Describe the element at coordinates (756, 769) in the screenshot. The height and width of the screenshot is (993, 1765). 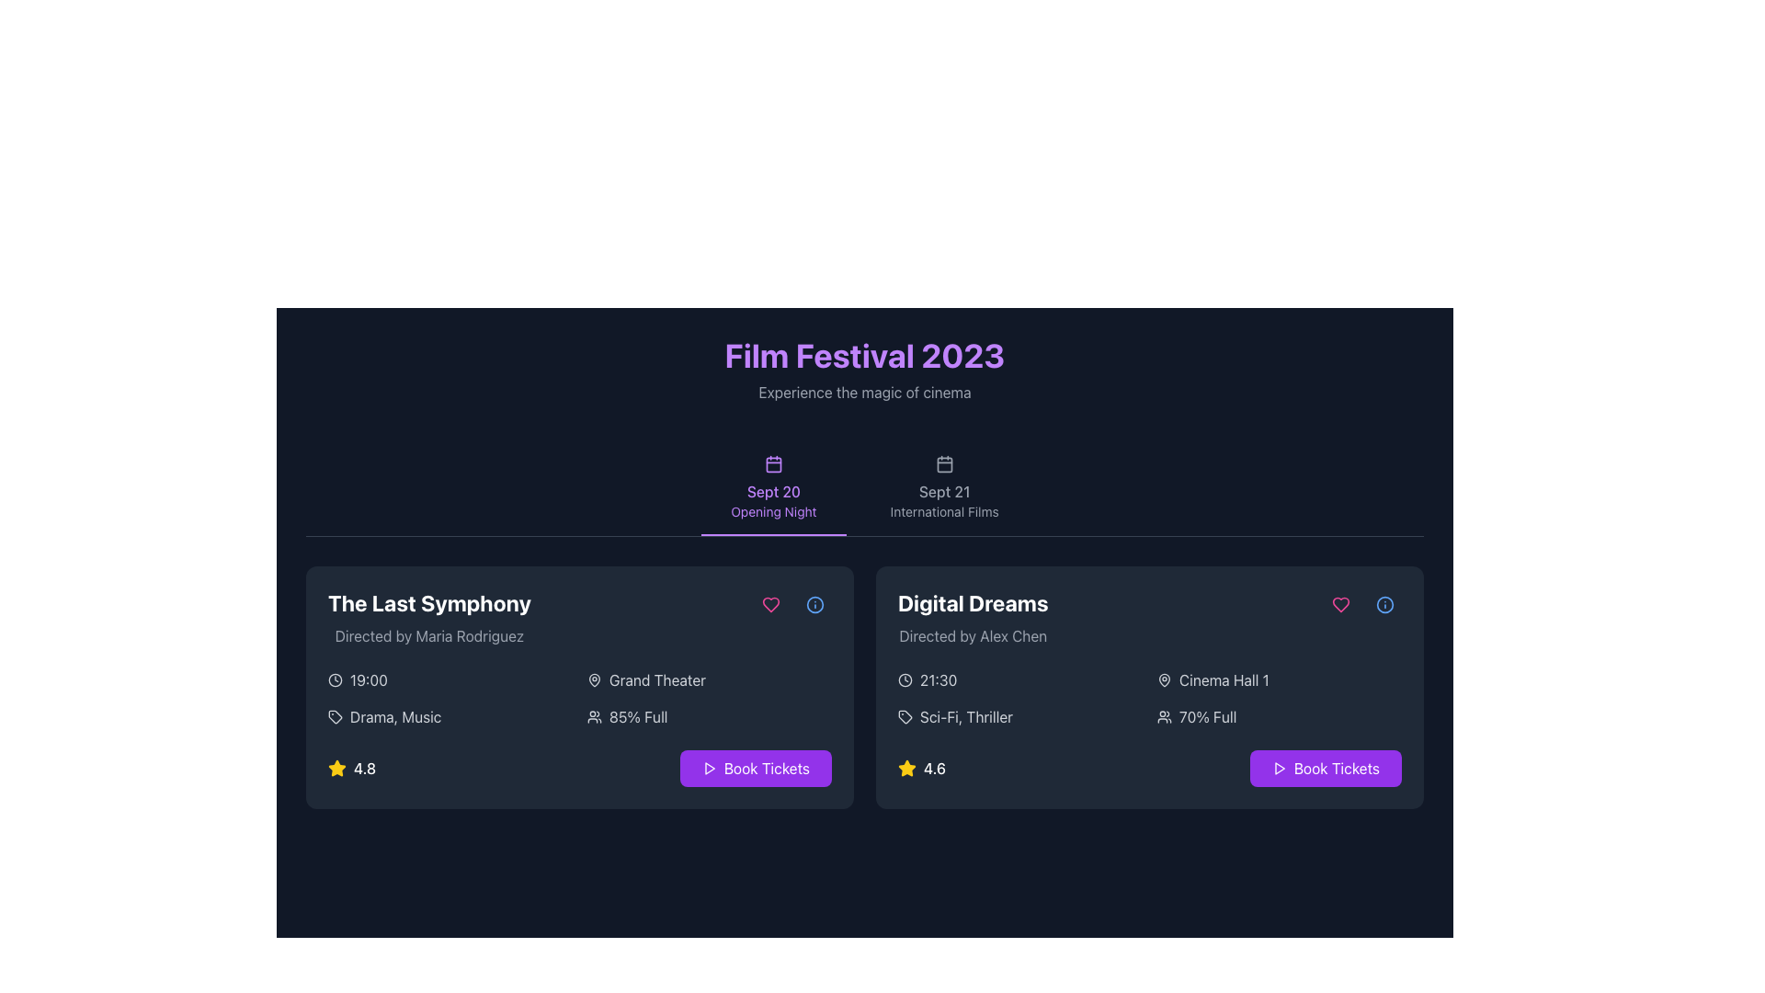
I see `the 'Book Tickets' button with a purple background and white text located in the bottom right corner of the card labeled 'The Last Symphony' to book tickets` at that location.